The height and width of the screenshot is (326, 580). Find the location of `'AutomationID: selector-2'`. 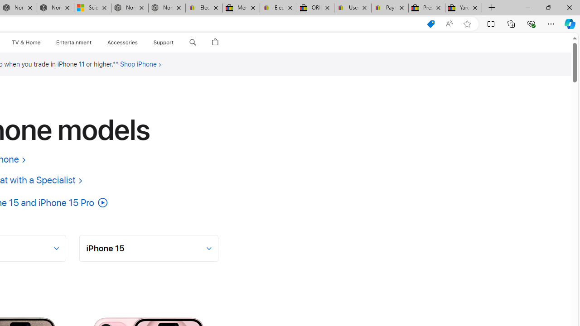

'AutomationID: selector-2' is located at coordinates (149, 248).